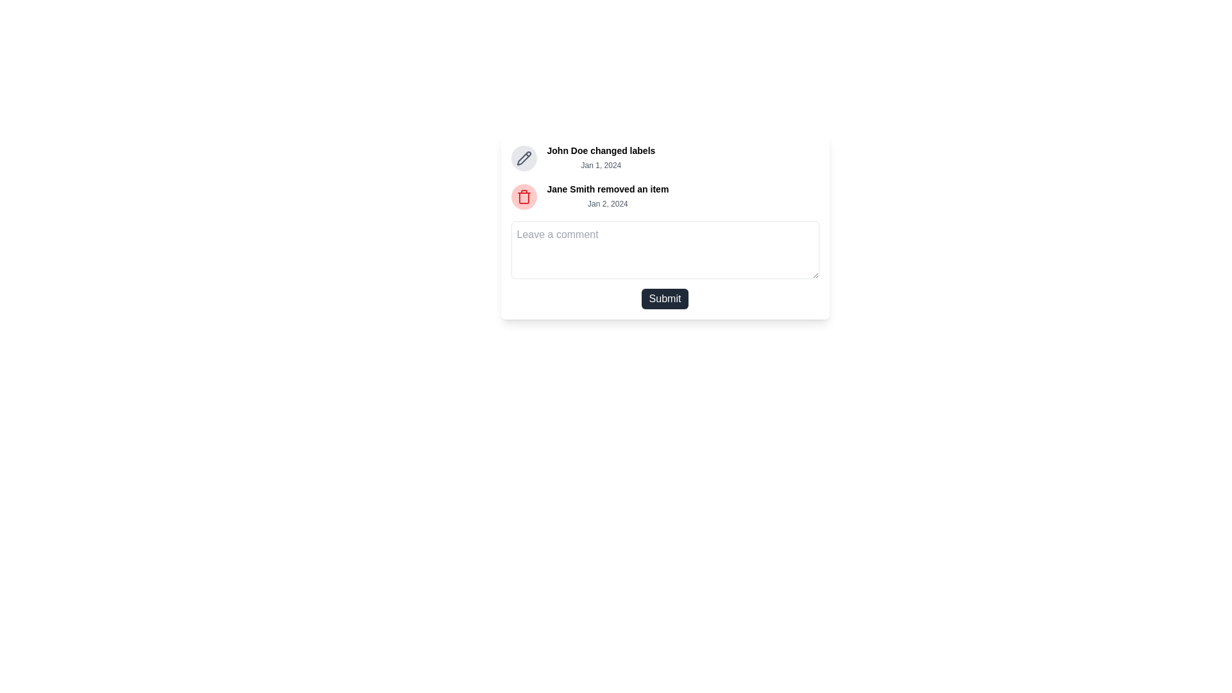 The image size is (1232, 693). I want to click on the submission button located at the bottom-right area of the form, directly below the 'Leave a comment' text input area, so click(665, 299).